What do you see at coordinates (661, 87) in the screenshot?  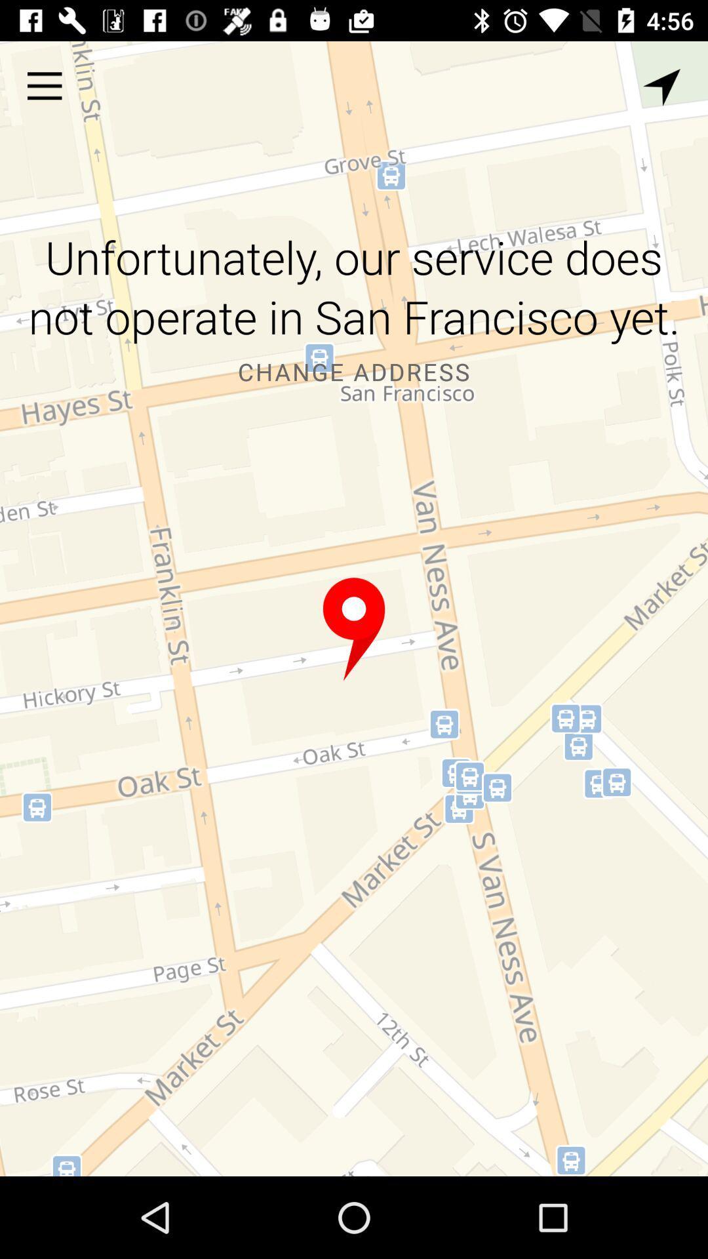 I see `the item above unfortunately our service item` at bounding box center [661, 87].